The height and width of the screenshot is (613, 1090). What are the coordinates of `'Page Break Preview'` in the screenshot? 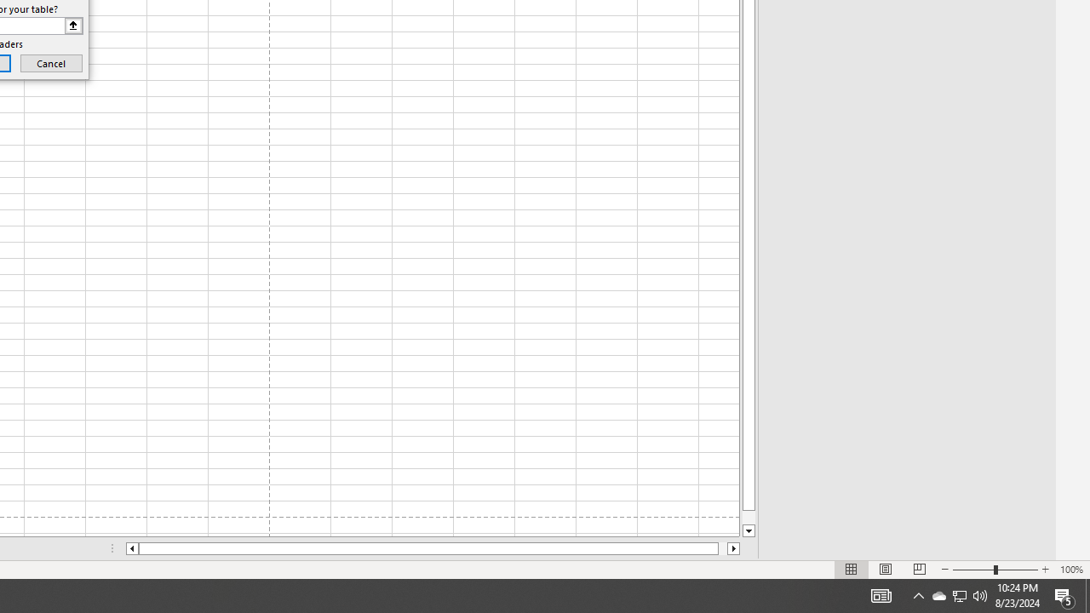 It's located at (918, 570).